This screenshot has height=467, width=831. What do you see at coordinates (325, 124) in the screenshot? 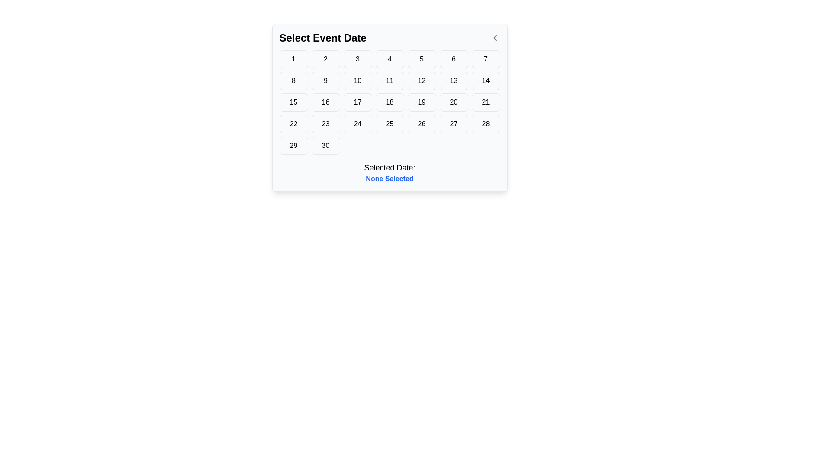
I see `the square button with rounded corners labeled '23'` at bounding box center [325, 124].